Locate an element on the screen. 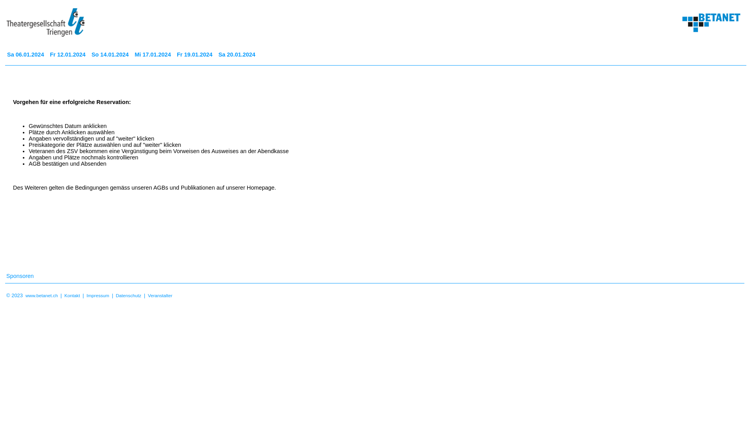 The width and height of the screenshot is (755, 424). 'Mi 17.01.2024' is located at coordinates (153, 54).